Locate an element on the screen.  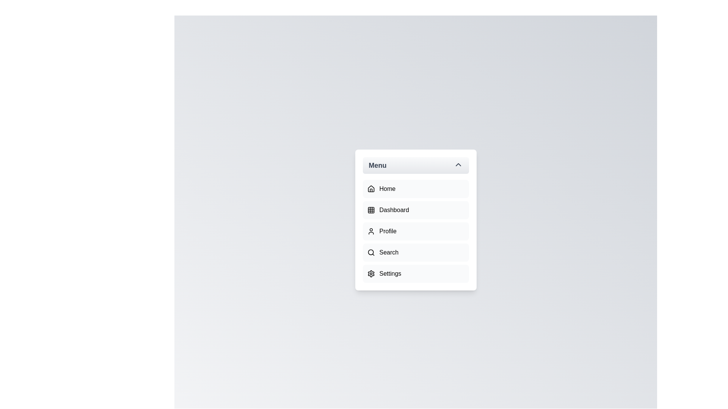
the menu item labeled Dashboard is located at coordinates (415, 210).